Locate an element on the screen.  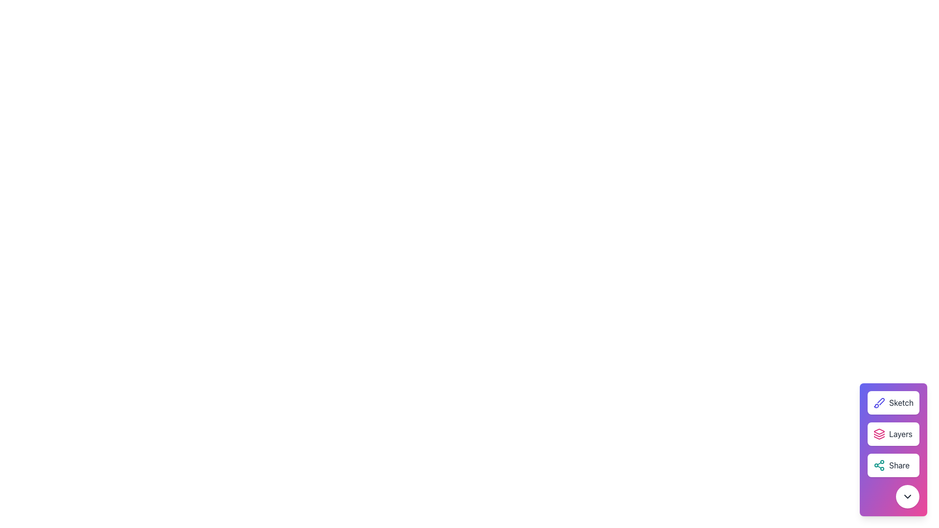
the bottom layer of the layered icon representing 'Layers' in the side menu located at the bottom-right corner of the interface is located at coordinates (879, 437).